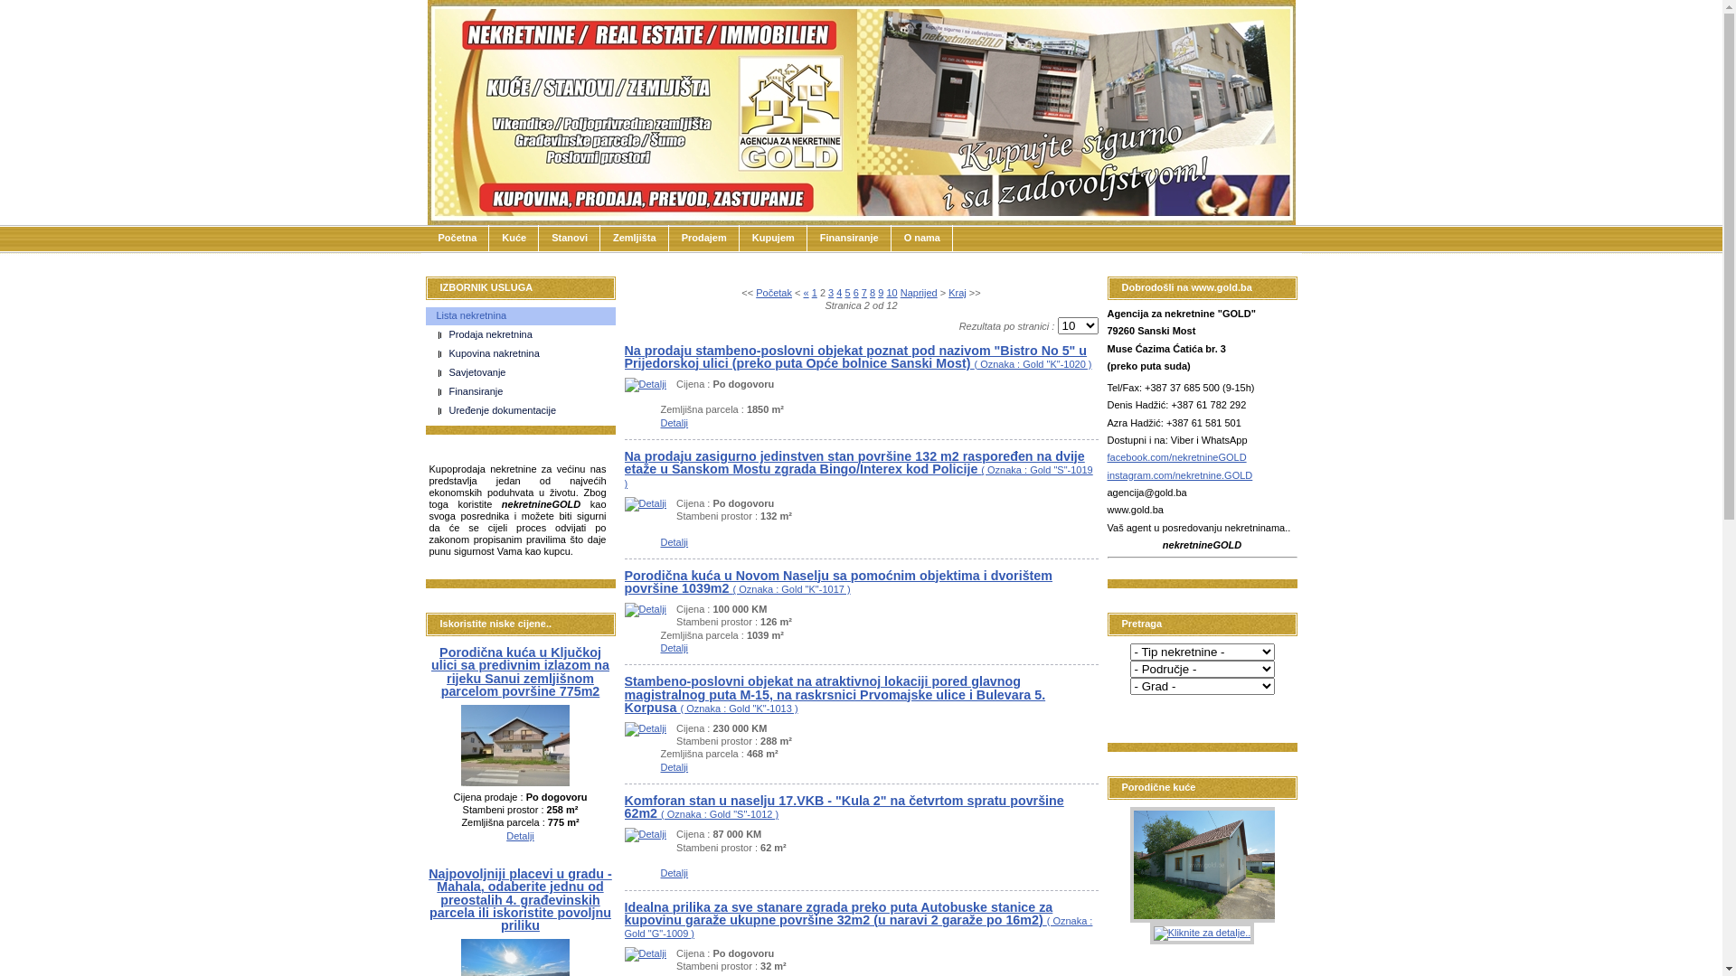 The image size is (1736, 976). I want to click on '7', so click(863, 292).